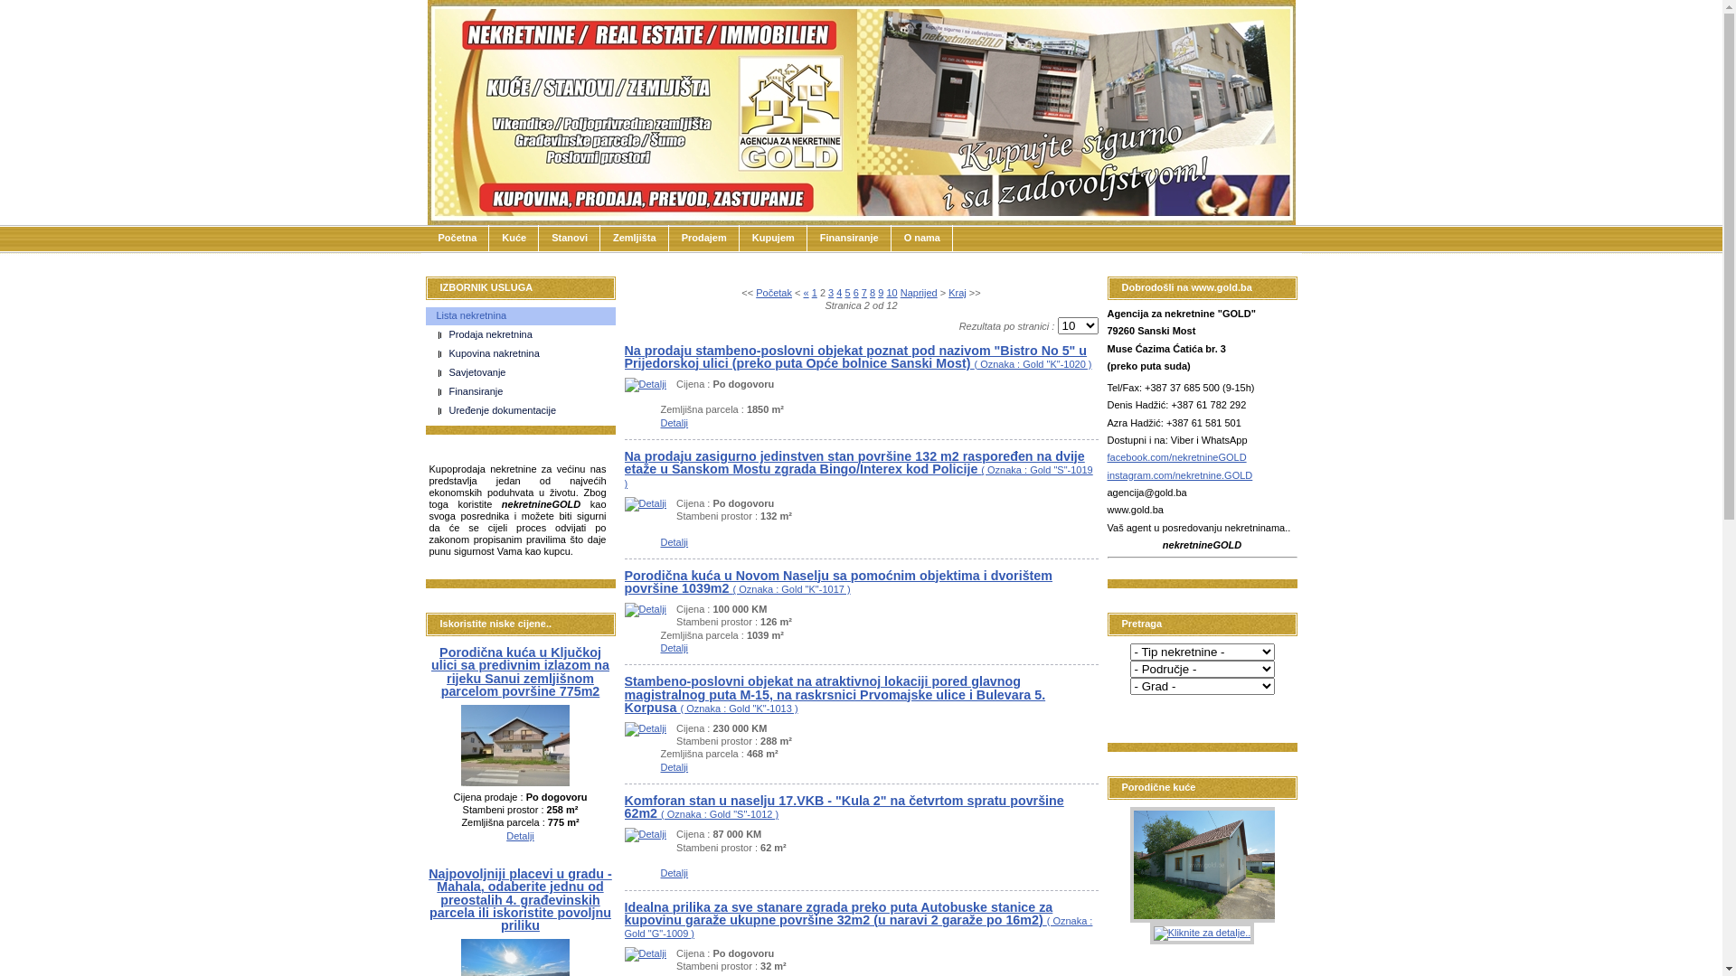 The image size is (1736, 976). I want to click on '7', so click(863, 292).